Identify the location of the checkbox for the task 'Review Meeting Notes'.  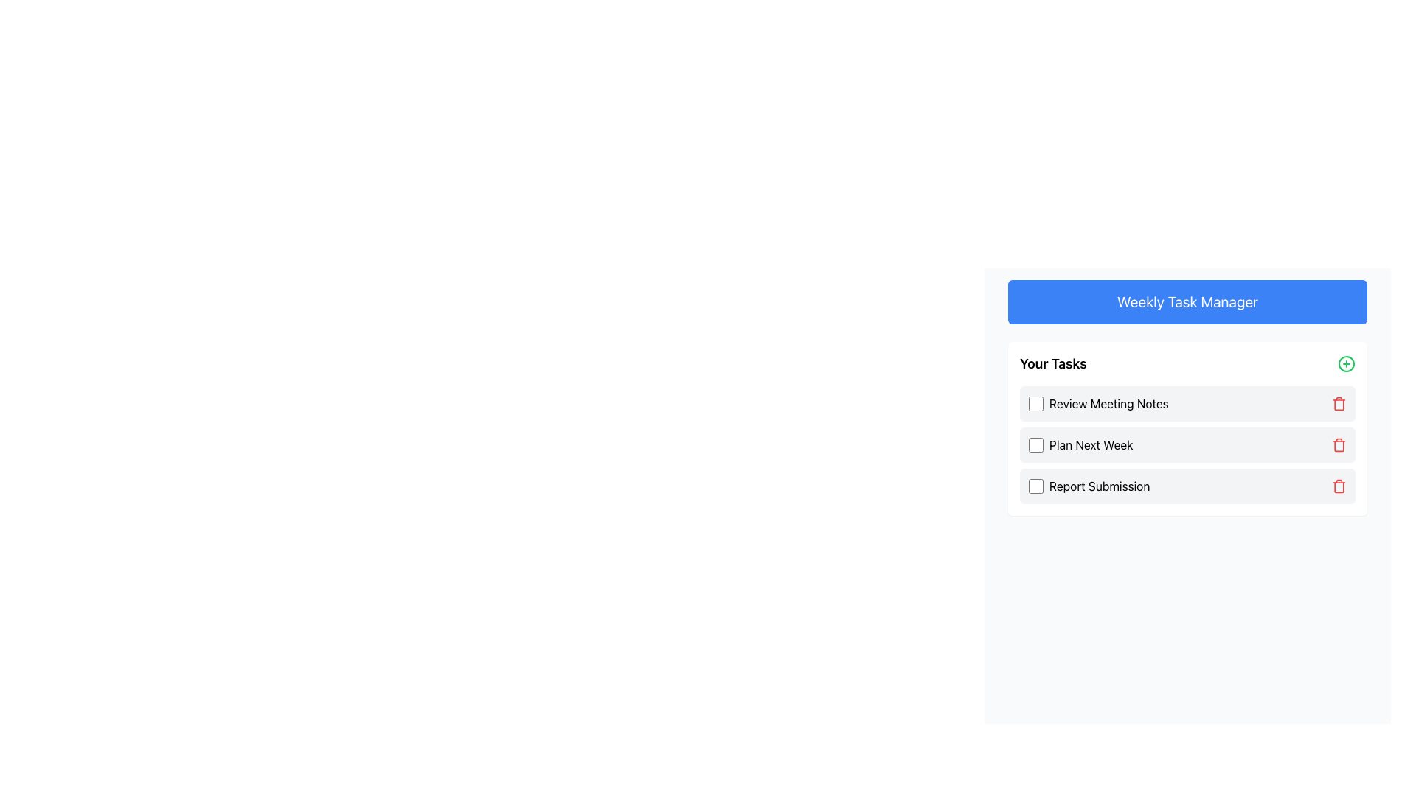
(1035, 403).